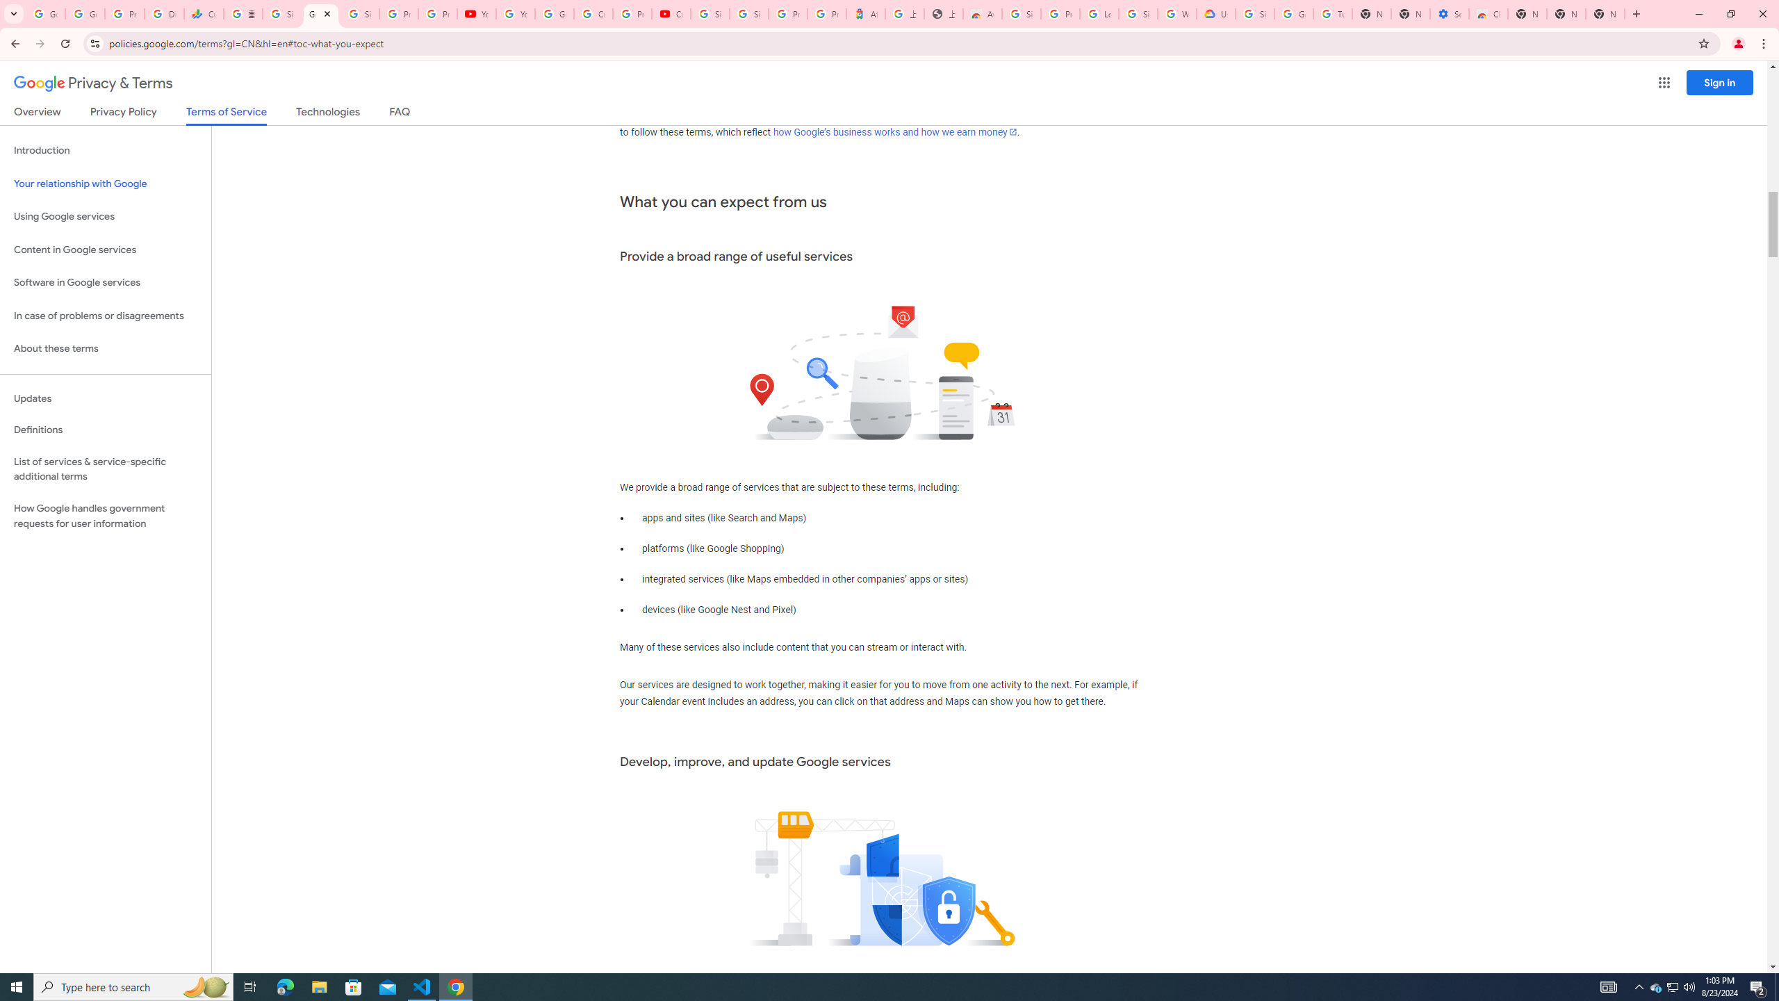 This screenshot has height=1001, width=1779. What do you see at coordinates (94, 42) in the screenshot?
I see `'View site information'` at bounding box center [94, 42].